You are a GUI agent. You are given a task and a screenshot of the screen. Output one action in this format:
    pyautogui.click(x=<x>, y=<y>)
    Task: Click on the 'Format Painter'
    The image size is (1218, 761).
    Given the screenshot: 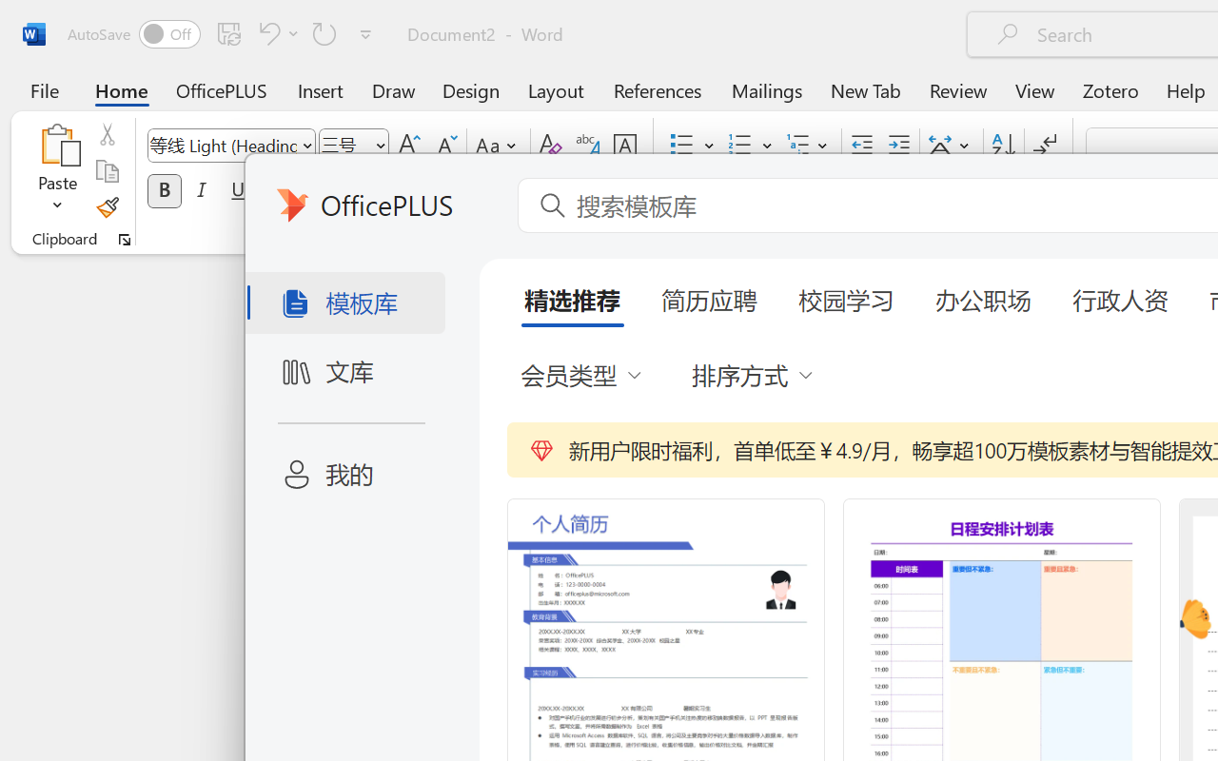 What is the action you would take?
    pyautogui.click(x=106, y=207)
    